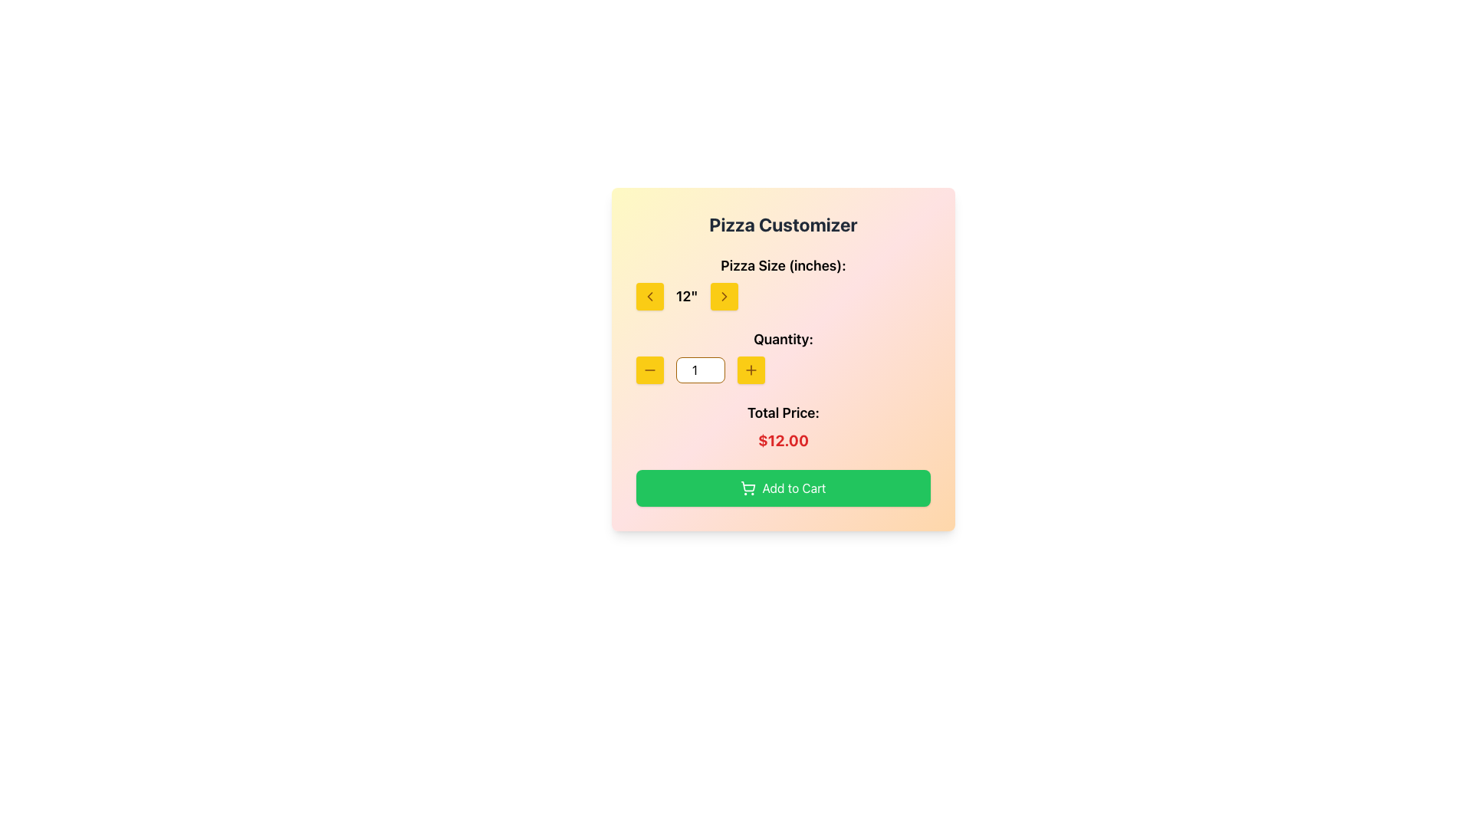 This screenshot has height=828, width=1472. I want to click on the navigational button to decrease the pizza size, located under the 'Pizza Size (inches)' label, to the left of the numeric display, so click(650, 296).